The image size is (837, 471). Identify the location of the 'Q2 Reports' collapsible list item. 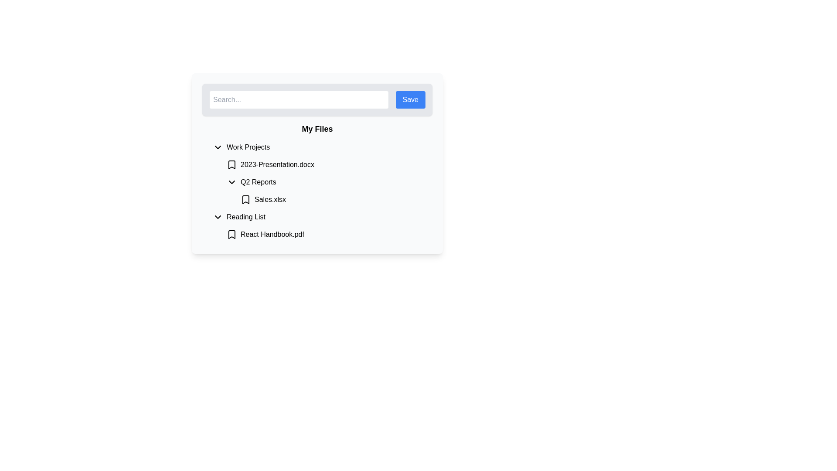
(327, 181).